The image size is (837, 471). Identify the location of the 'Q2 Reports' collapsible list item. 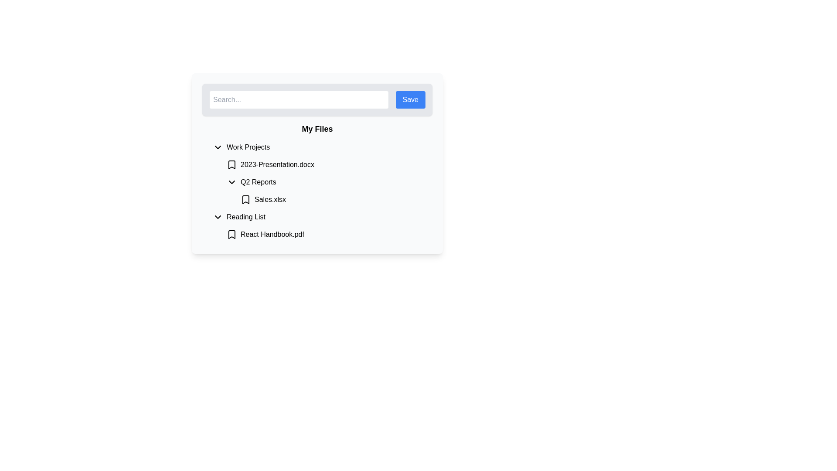
(327, 181).